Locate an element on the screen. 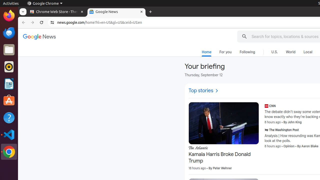 The image size is (320, 180). 'Help' is located at coordinates (9, 118).